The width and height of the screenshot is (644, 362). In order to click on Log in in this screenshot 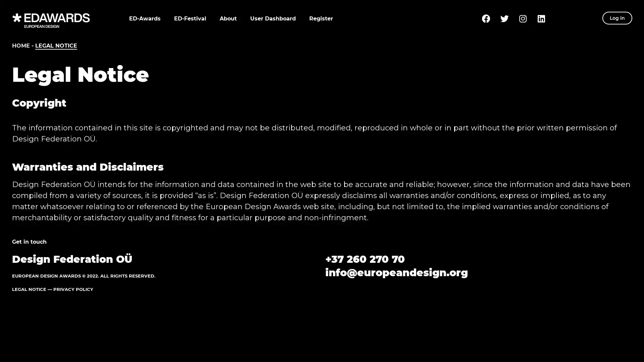, I will do `click(617, 18)`.